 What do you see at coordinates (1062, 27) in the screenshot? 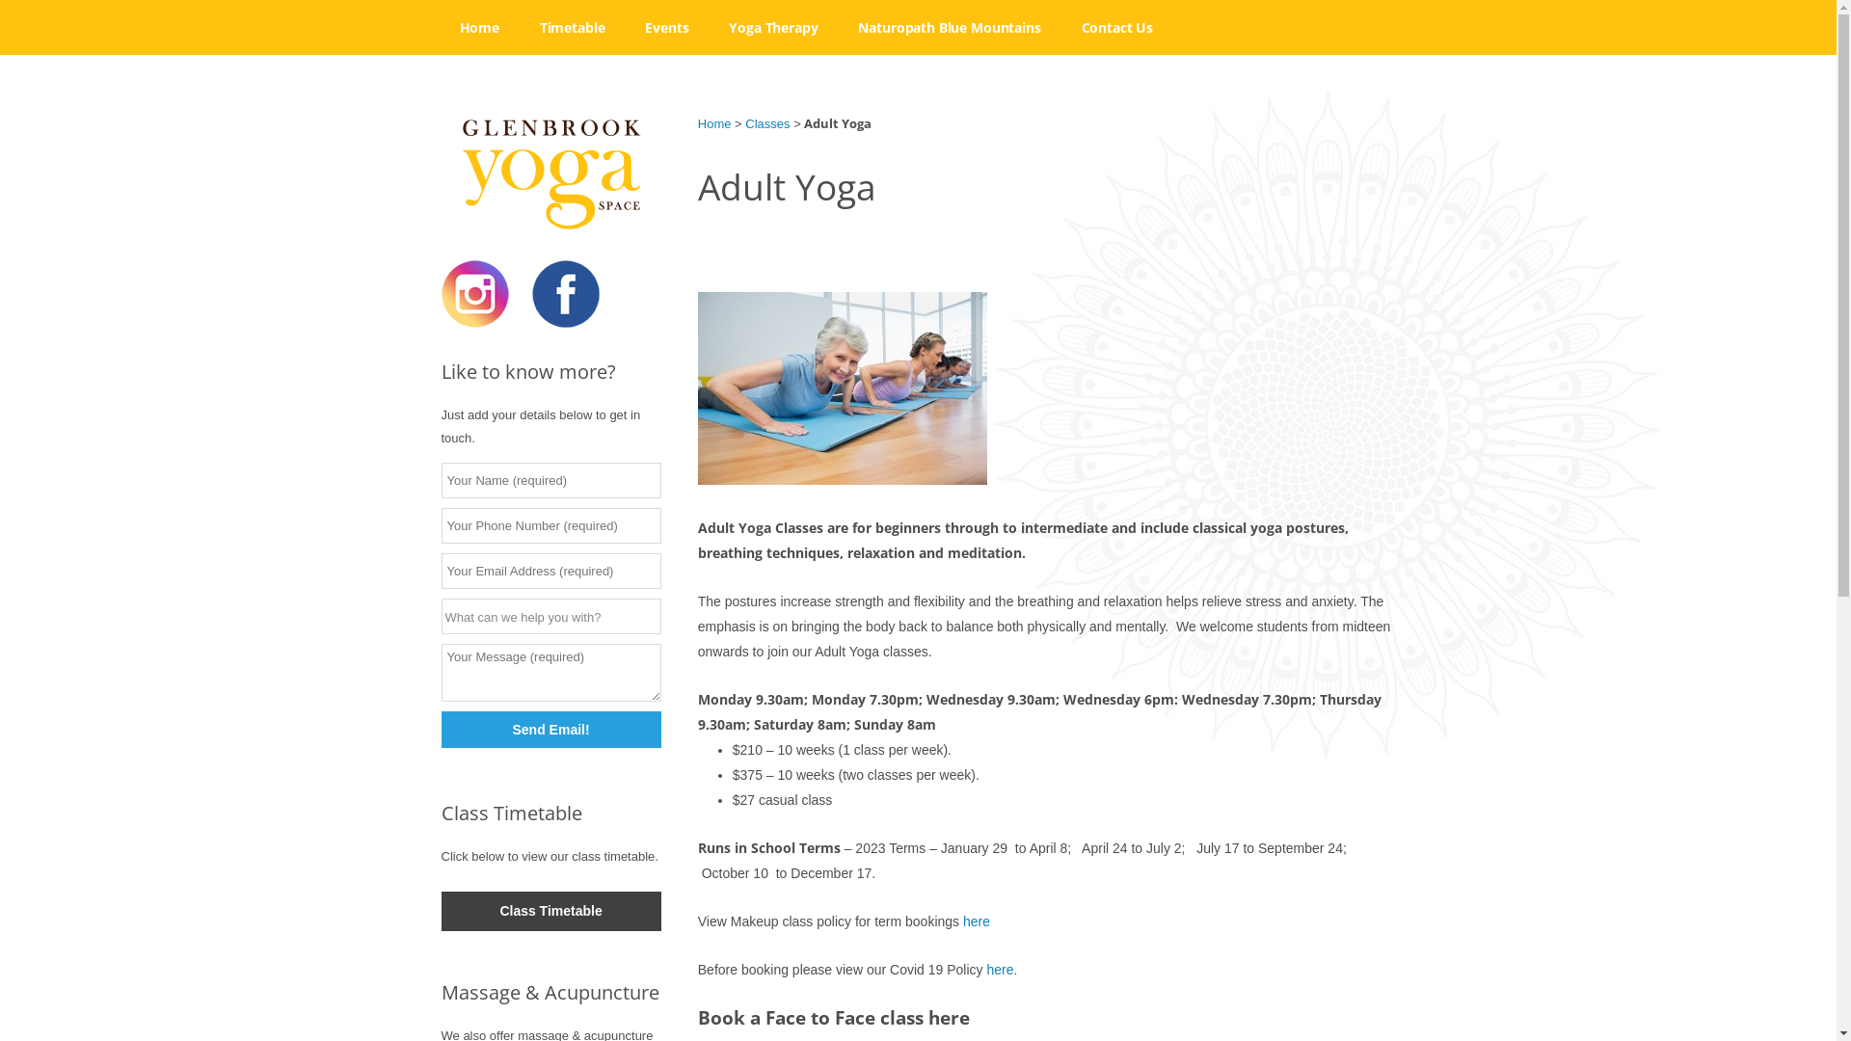
I see `'Contact Us'` at bounding box center [1062, 27].